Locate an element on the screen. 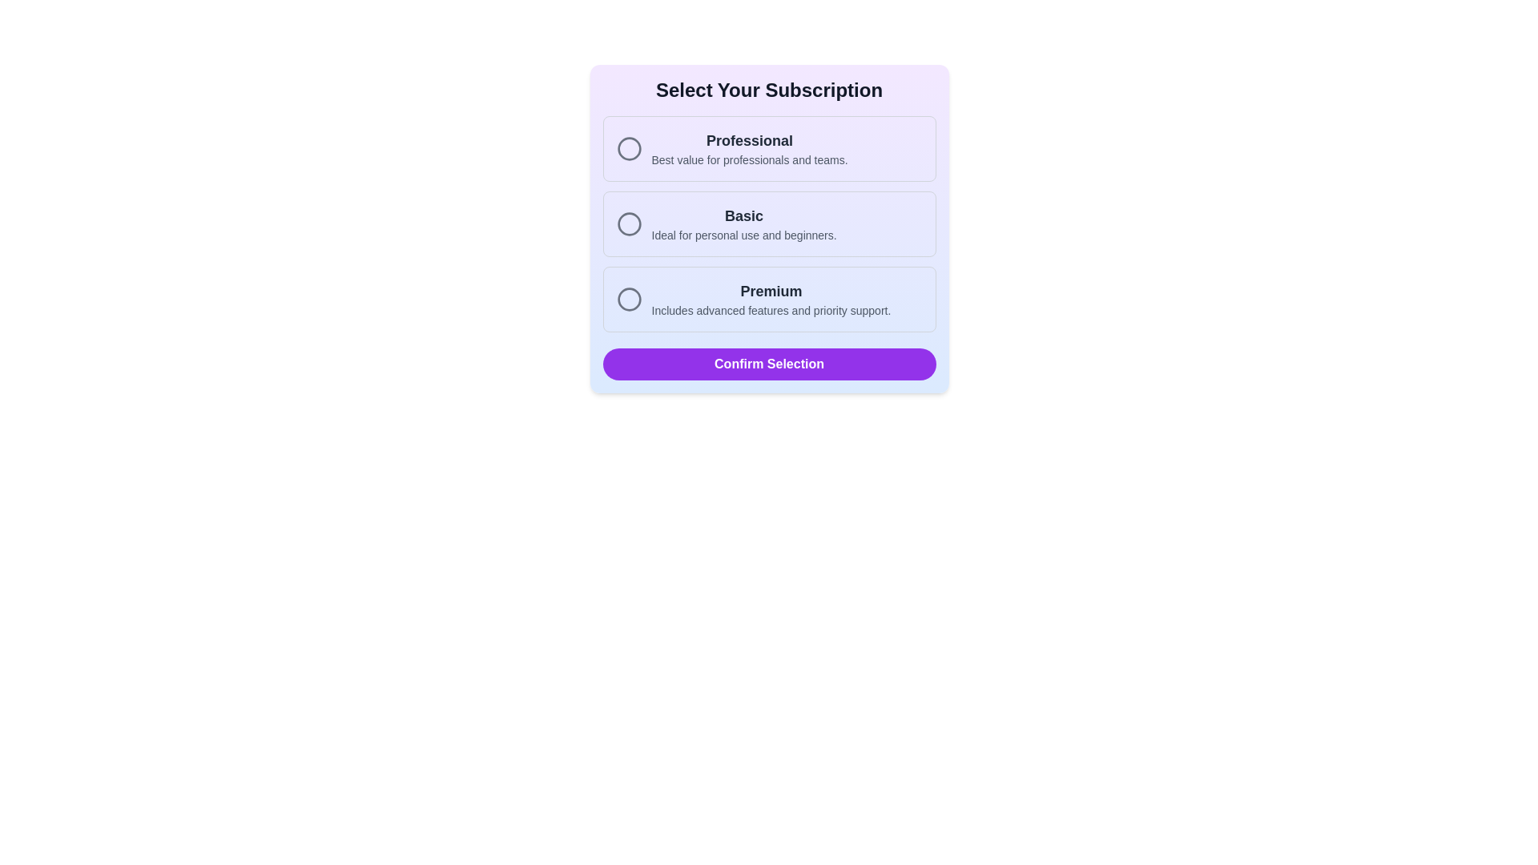  the 'Basic' subscription option in the interactive list is located at coordinates (769, 224).